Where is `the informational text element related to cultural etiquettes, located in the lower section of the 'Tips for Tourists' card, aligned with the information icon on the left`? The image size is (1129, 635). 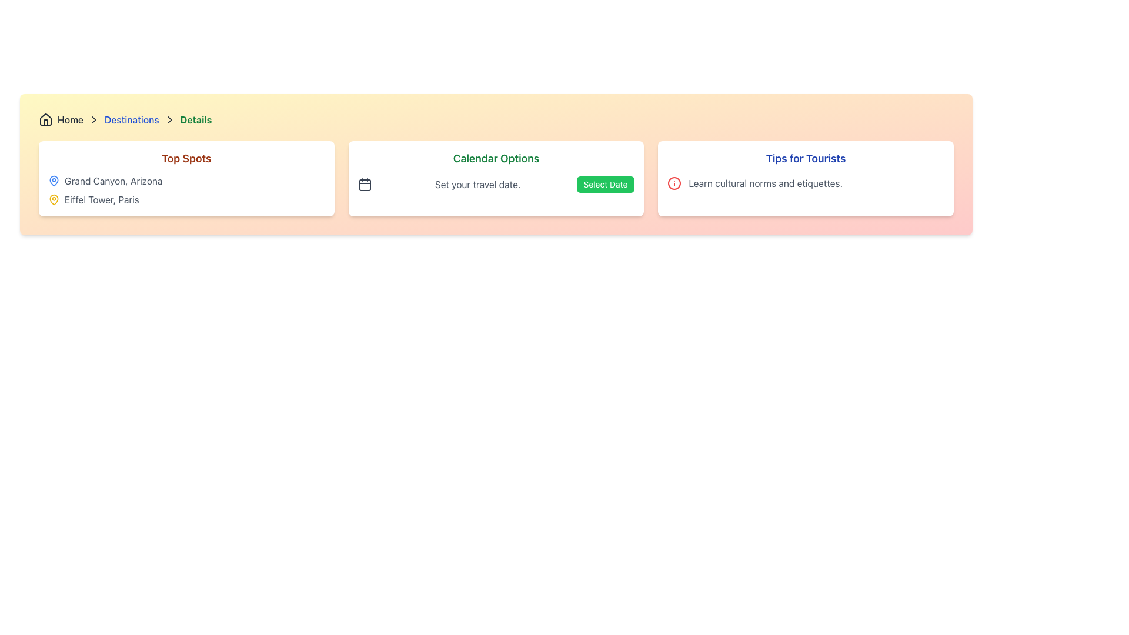 the informational text element related to cultural etiquettes, located in the lower section of the 'Tips for Tourists' card, aligned with the information icon on the left is located at coordinates (805, 183).